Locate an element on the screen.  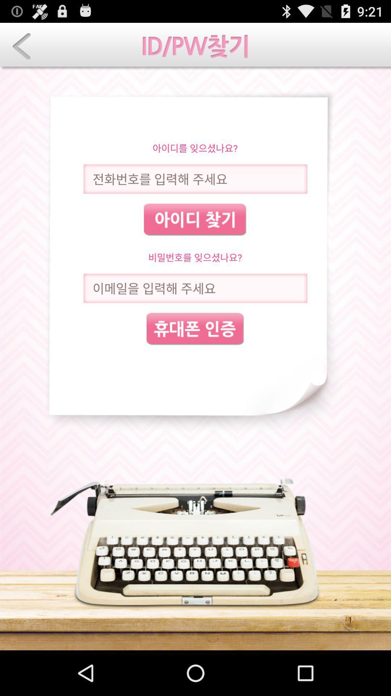
type here is located at coordinates (195, 288).